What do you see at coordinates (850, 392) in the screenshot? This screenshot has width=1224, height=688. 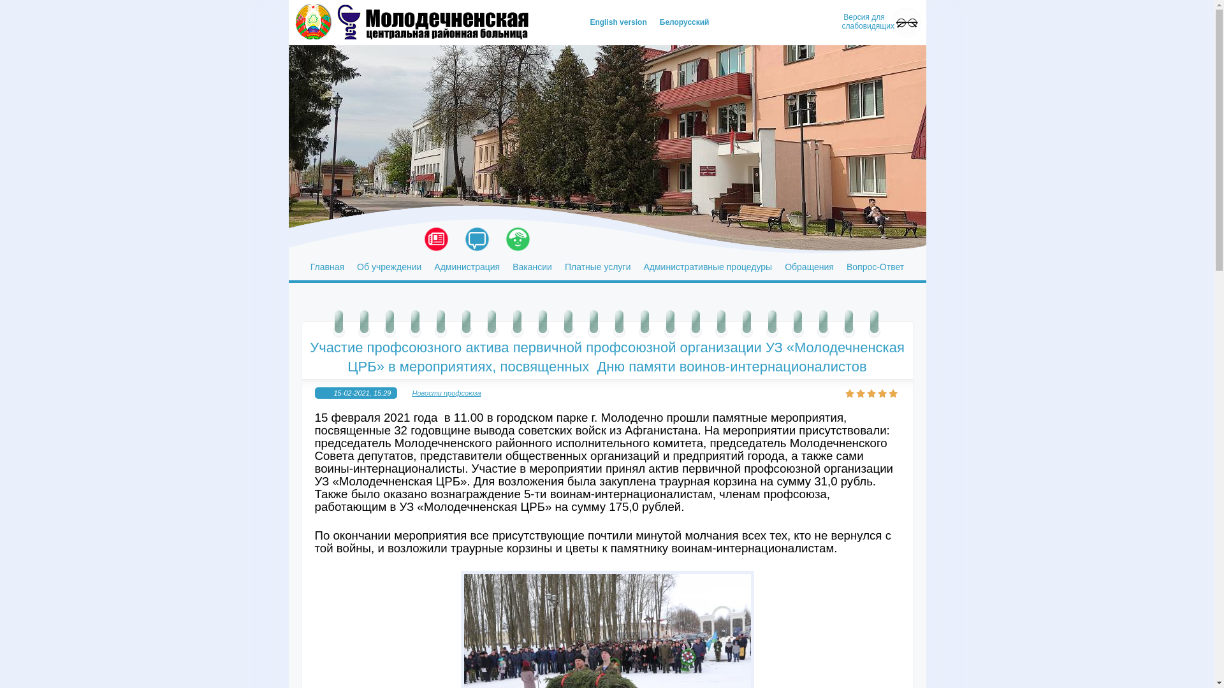 I see `'1'` at bounding box center [850, 392].